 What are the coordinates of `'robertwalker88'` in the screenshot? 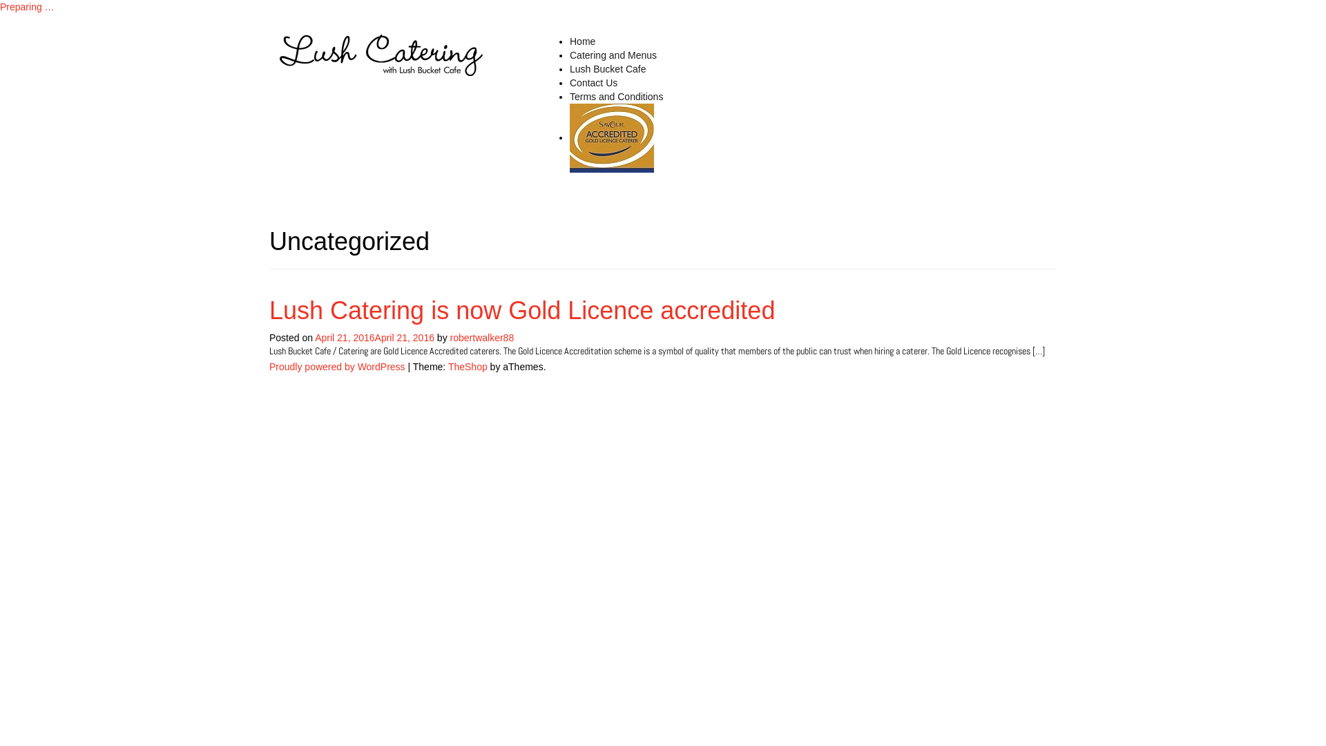 It's located at (450, 338).